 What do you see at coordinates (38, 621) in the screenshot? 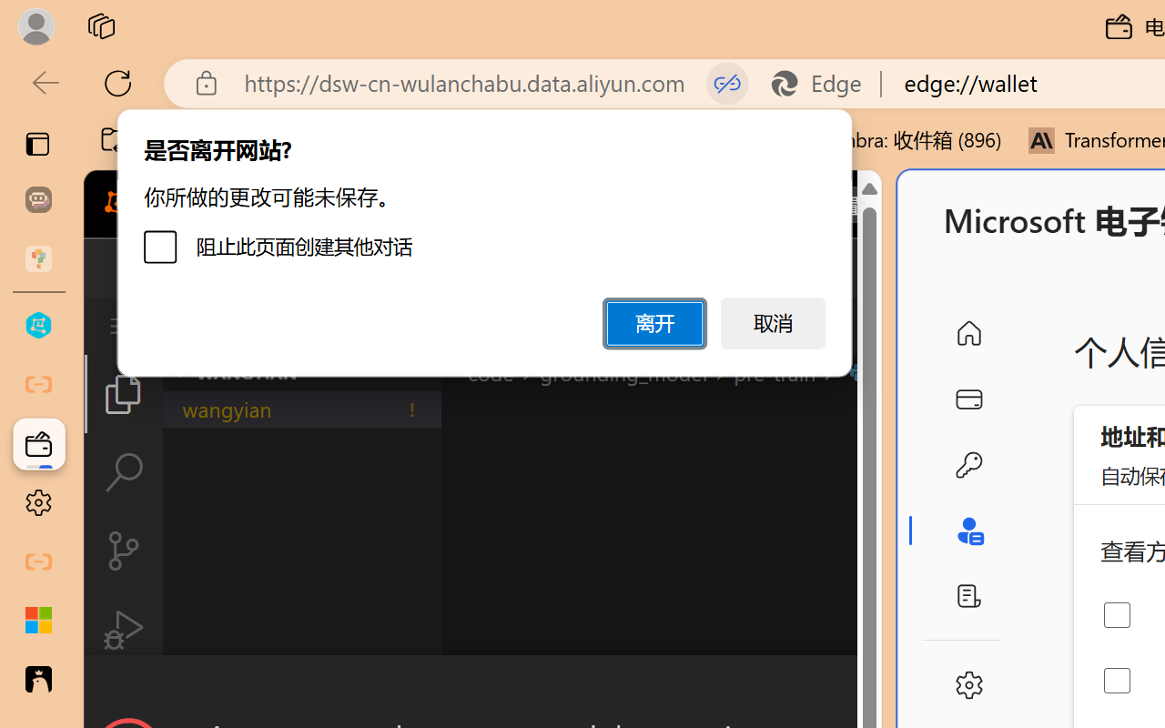
I see `'Adjust indents and spacing - Microsoft Support'` at bounding box center [38, 621].